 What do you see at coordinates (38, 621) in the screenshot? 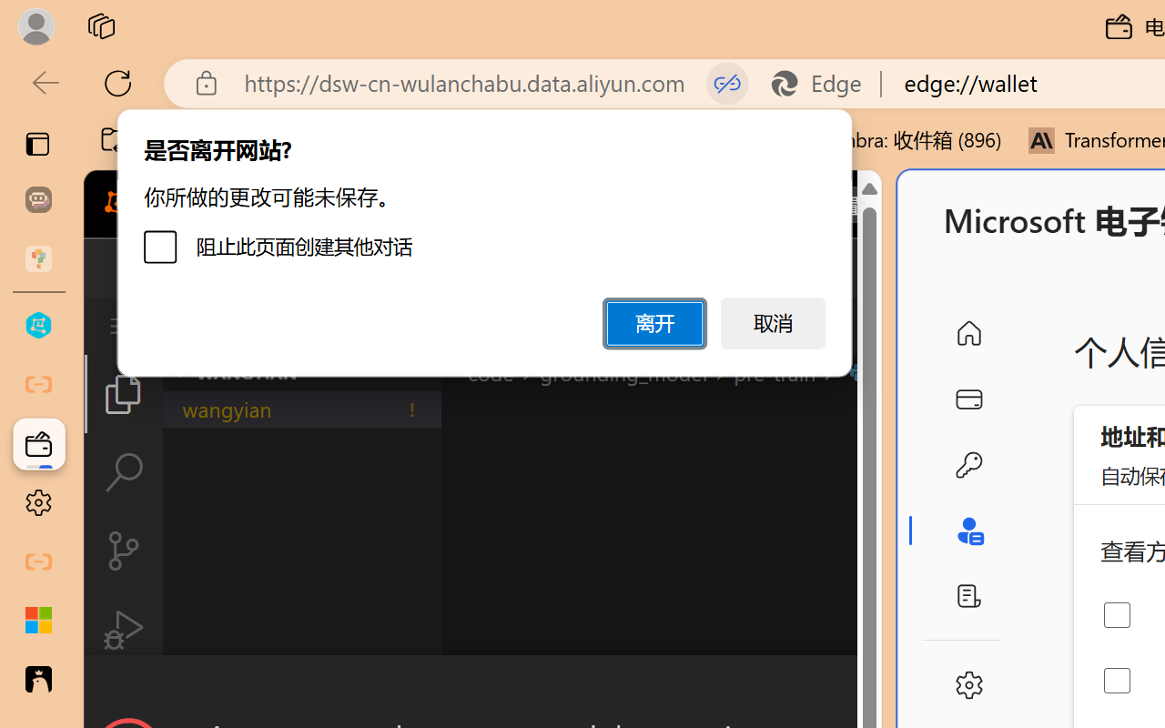
I see `'Adjust indents and spacing - Microsoft Support'` at bounding box center [38, 621].